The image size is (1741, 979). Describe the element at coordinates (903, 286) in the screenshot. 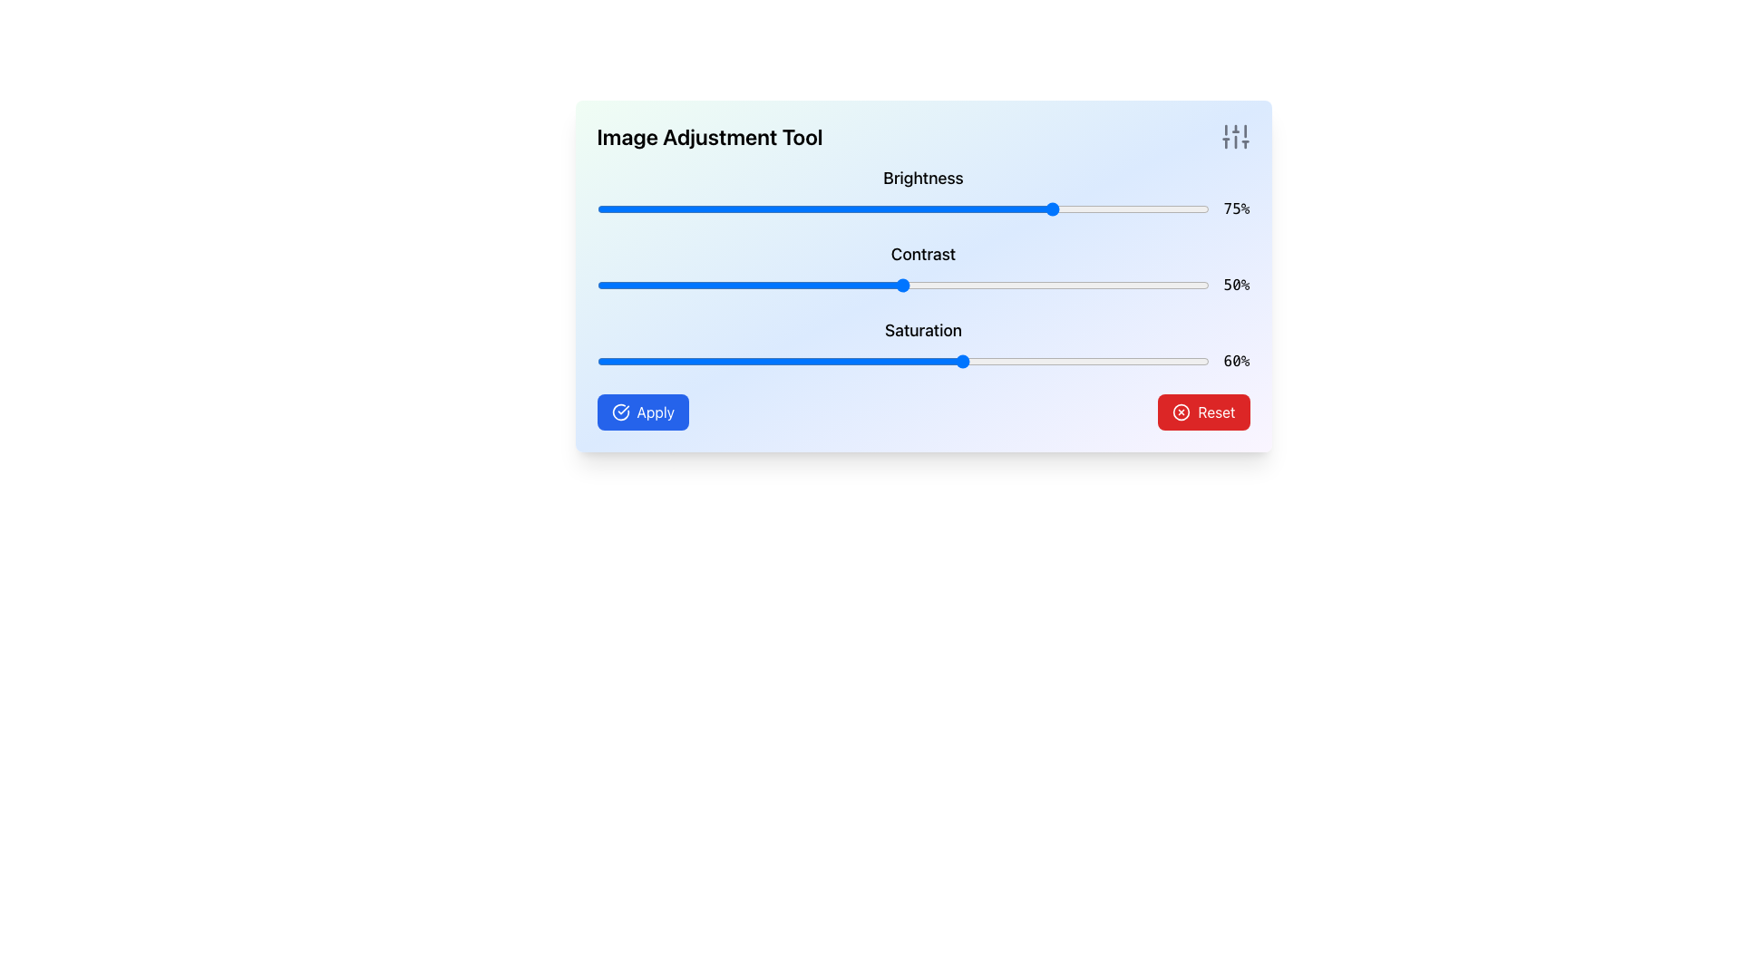

I see `the handle of the horizontal slider labeled '50%'` at that location.